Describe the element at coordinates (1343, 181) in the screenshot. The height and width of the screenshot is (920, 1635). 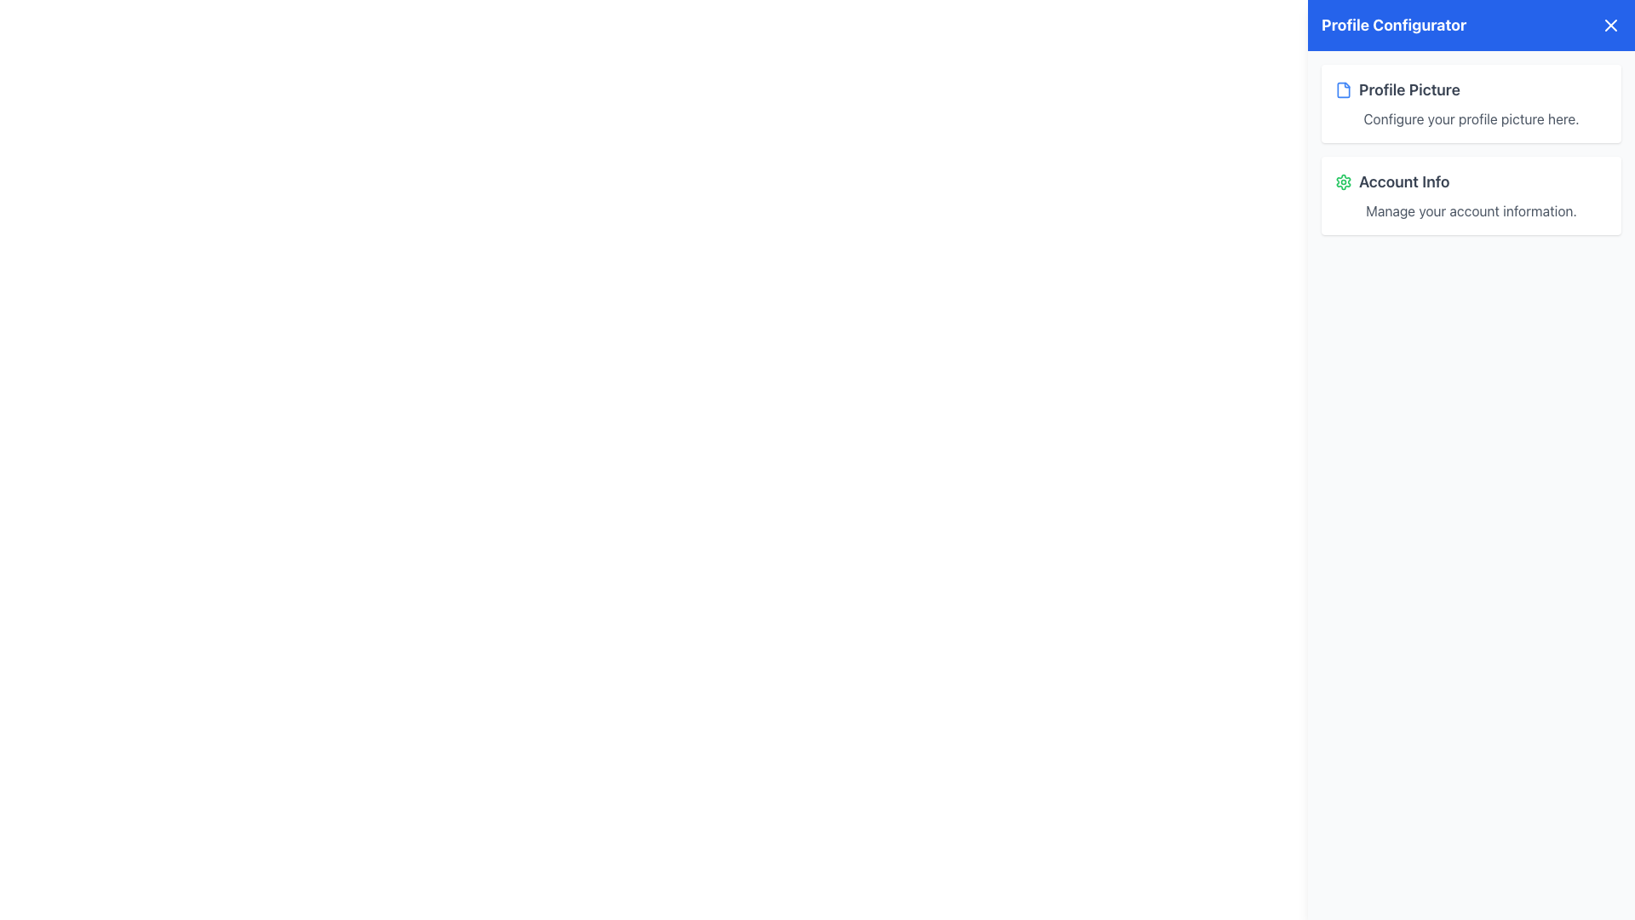
I see `settings icon located at the start of the row containing the 'Account Info' text, positioned in the middle of the second card` at that location.